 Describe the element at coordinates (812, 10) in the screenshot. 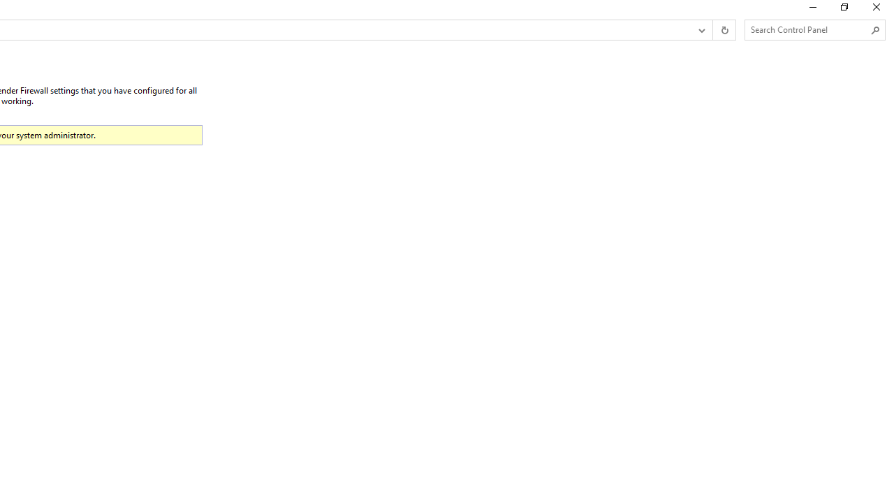

I see `'Minimize'` at that location.